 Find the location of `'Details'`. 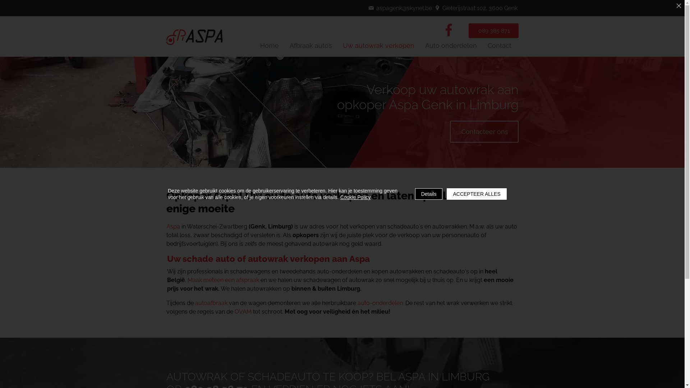

'Details' is located at coordinates (429, 194).